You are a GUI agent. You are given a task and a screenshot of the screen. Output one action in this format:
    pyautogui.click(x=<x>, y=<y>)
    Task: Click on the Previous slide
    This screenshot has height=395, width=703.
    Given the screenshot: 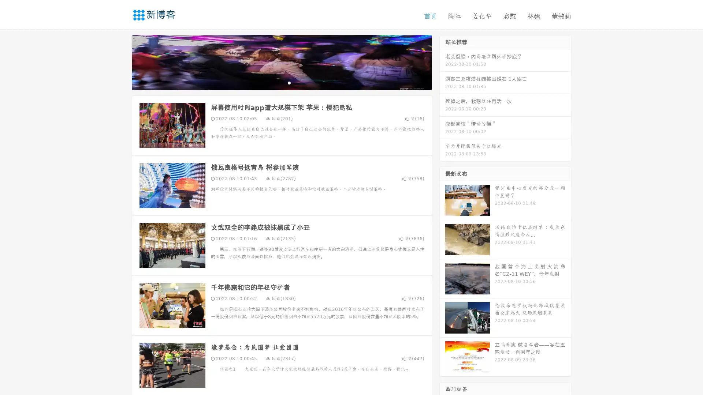 What is the action you would take?
    pyautogui.click(x=121, y=61)
    